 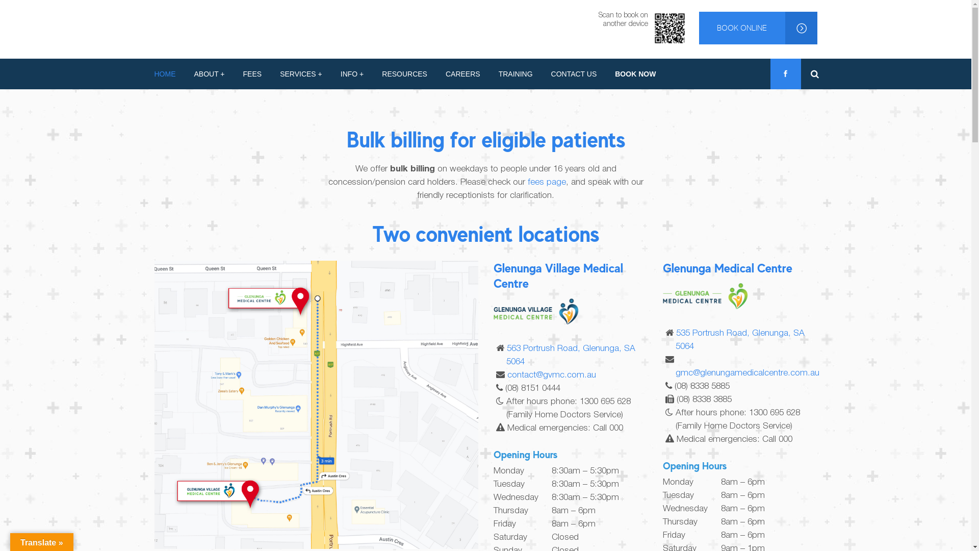 I want to click on 'gmc-left-updated', so click(x=708, y=297).